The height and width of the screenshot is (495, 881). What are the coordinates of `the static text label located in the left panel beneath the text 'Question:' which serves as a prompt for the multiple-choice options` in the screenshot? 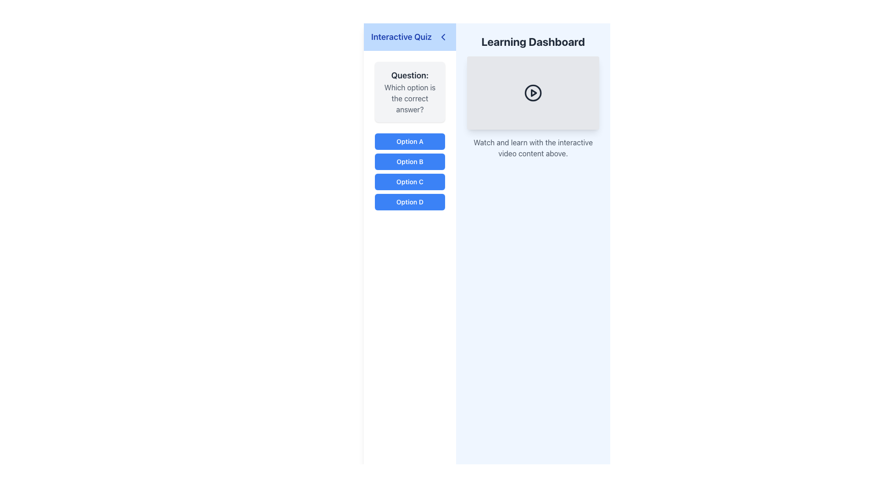 It's located at (409, 99).